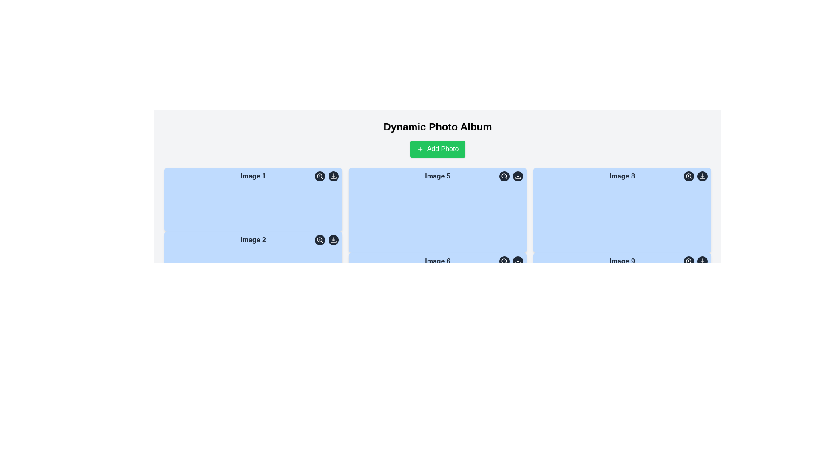 The width and height of the screenshot is (816, 459). Describe the element at coordinates (333, 240) in the screenshot. I see `the download button located at the top-right corner of the cell containing 'Image 2' to initiate the download` at that location.